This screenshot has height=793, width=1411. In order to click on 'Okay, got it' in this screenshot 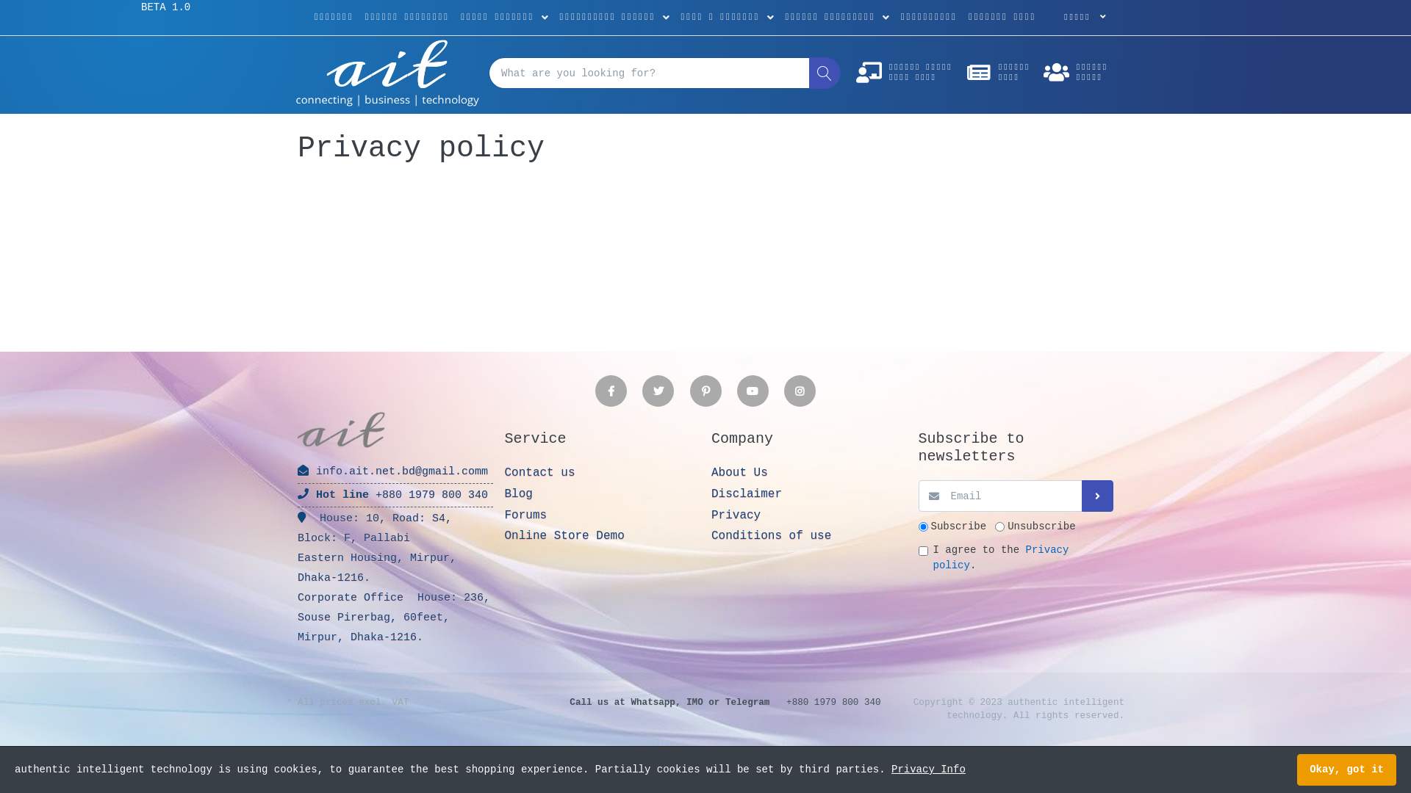, I will do `click(1346, 769)`.